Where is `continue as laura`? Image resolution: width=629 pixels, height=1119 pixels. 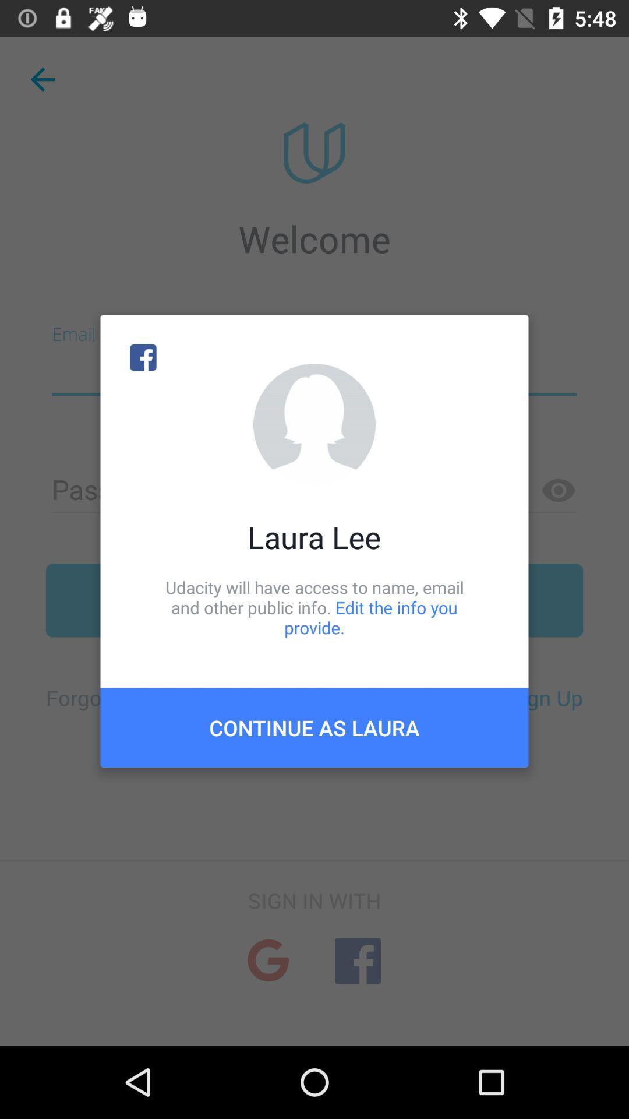
continue as laura is located at coordinates (314, 727).